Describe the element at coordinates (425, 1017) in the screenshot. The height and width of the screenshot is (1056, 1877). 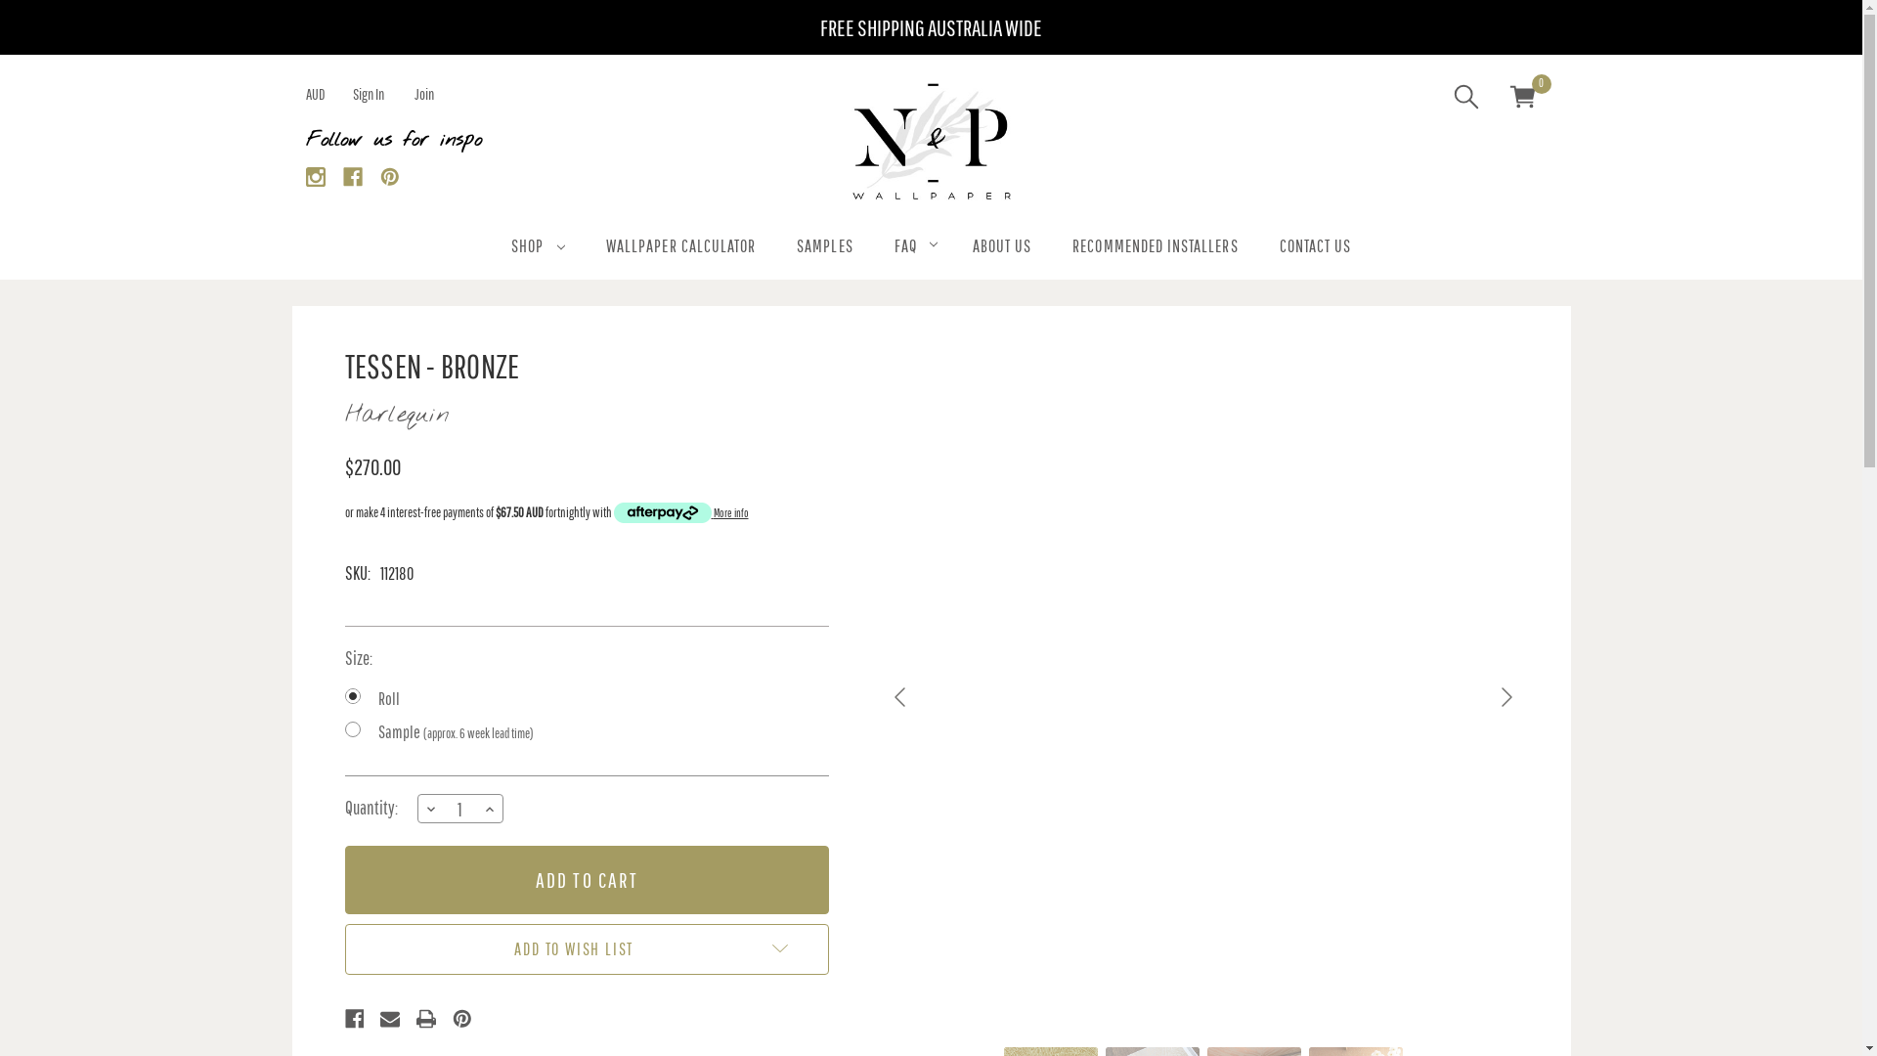
I see `'Print'` at that location.